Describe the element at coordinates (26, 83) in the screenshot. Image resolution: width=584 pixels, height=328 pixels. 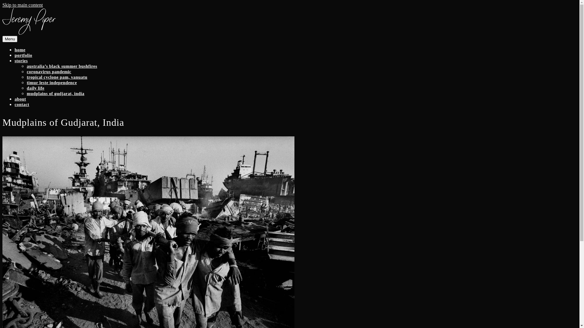
I see `'timur leste independence'` at that location.